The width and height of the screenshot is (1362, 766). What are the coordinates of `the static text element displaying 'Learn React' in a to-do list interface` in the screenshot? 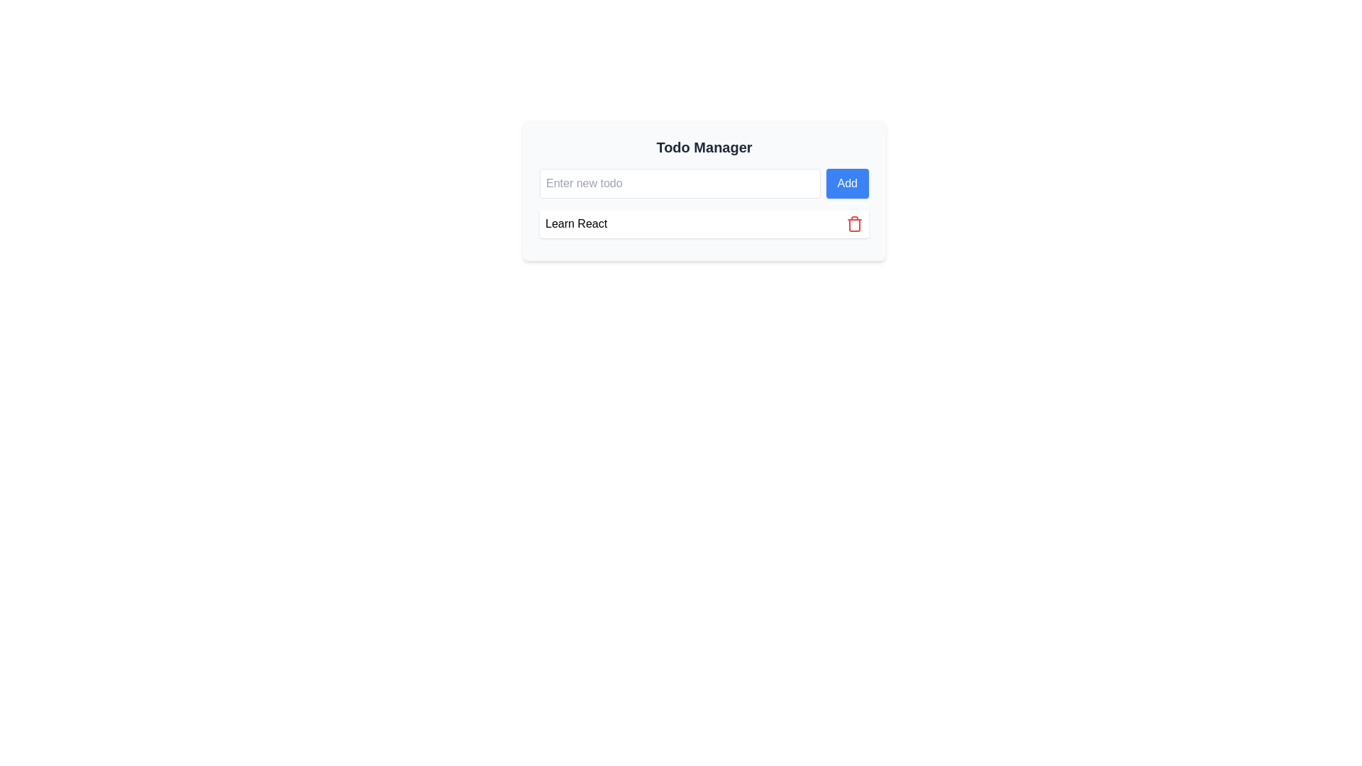 It's located at (576, 223).